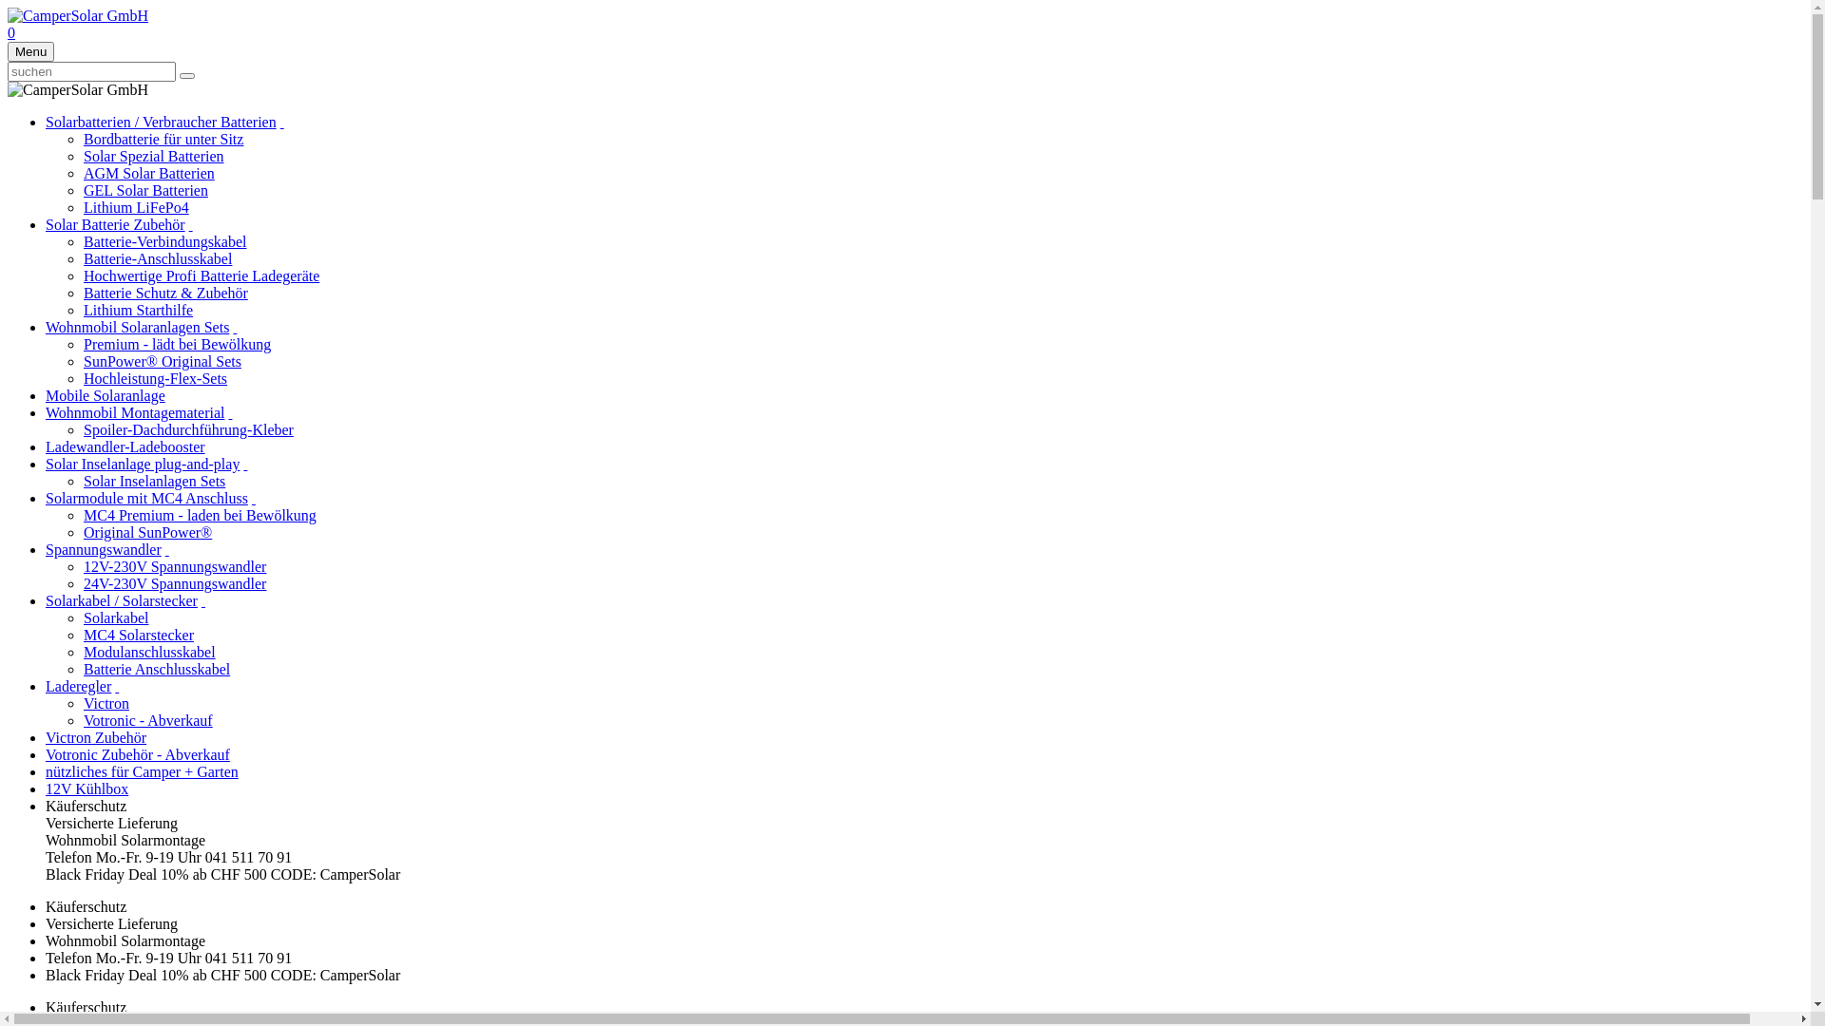 The image size is (1825, 1026). Describe the element at coordinates (82, 651) in the screenshot. I see `'Modulanschlusskabel'` at that location.